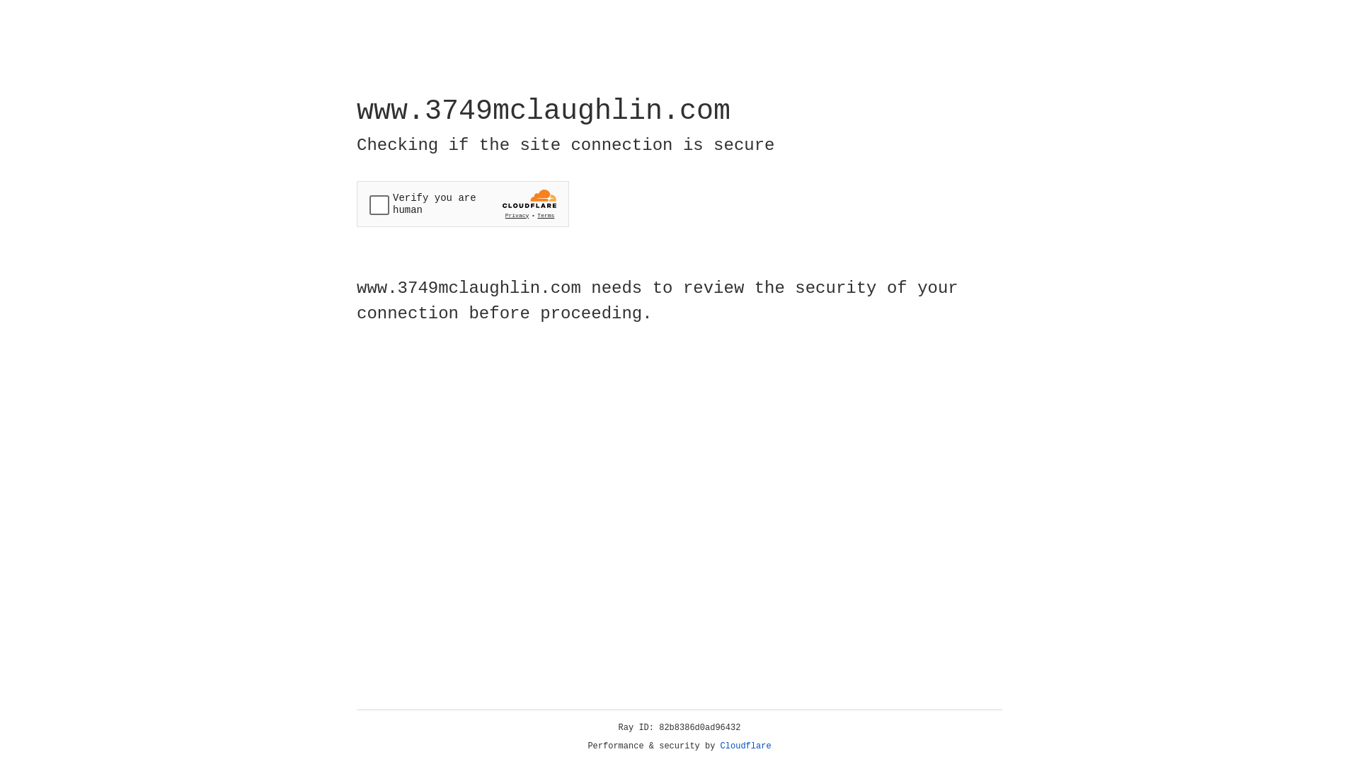 The width and height of the screenshot is (1359, 764). I want to click on 'Cloudflare', so click(745, 746).